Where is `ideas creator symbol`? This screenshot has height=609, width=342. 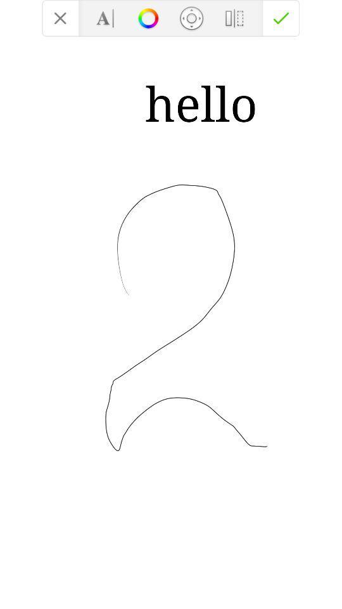 ideas creator symbol is located at coordinates (148, 17).